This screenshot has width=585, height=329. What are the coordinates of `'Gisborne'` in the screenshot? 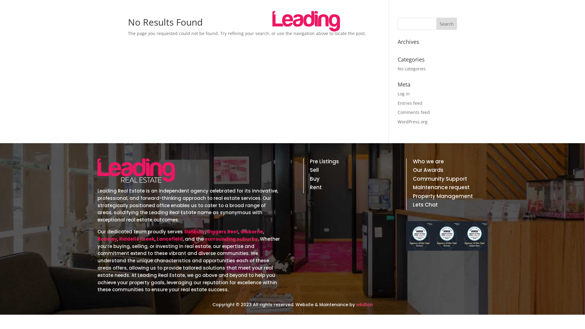 It's located at (251, 232).